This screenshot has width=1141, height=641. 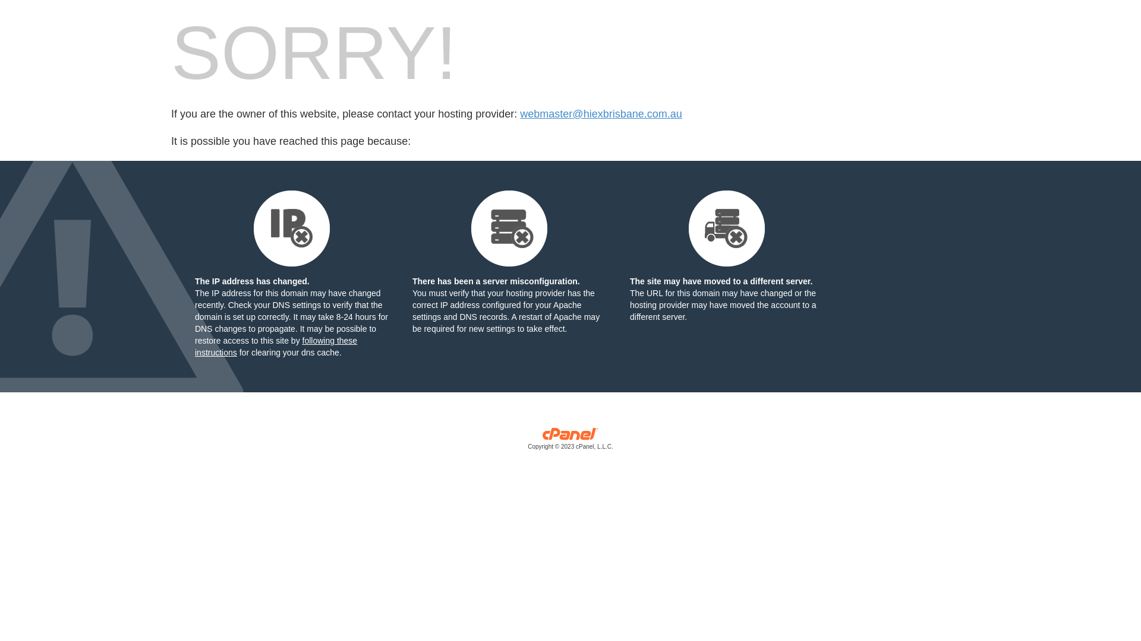 What do you see at coordinates (275, 346) in the screenshot?
I see `'following these instructions'` at bounding box center [275, 346].